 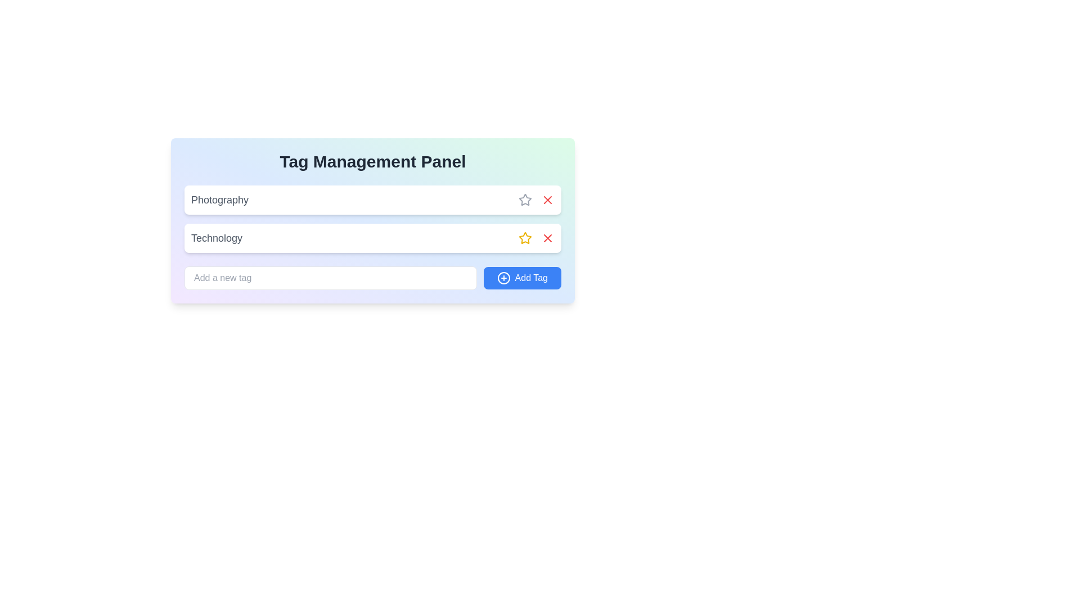 I want to click on the 'Add Tag' button located at the bottom-right of the 'Tag Management Panel', so click(x=521, y=278).